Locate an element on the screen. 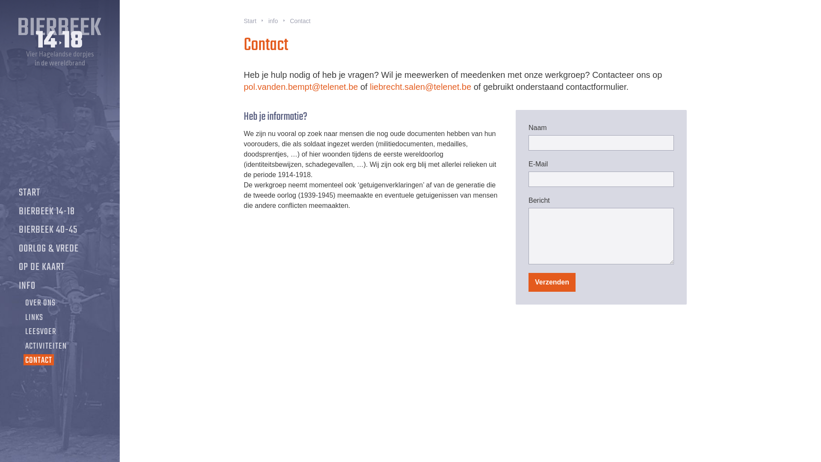 Image resolution: width=821 pixels, height=462 pixels. 'BIERBEEK 40-45' is located at coordinates (47, 229).